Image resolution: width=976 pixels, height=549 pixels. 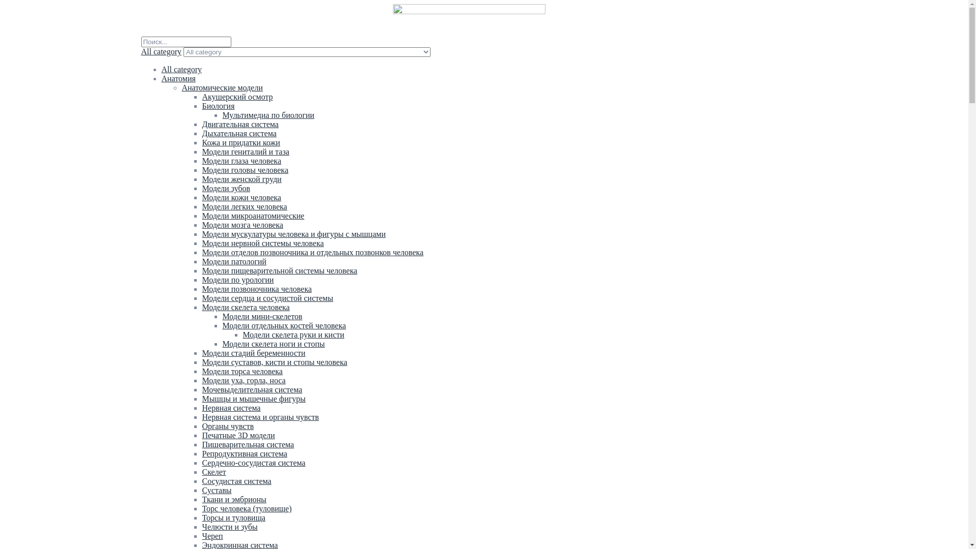 I want to click on 'All category', so click(x=182, y=69).